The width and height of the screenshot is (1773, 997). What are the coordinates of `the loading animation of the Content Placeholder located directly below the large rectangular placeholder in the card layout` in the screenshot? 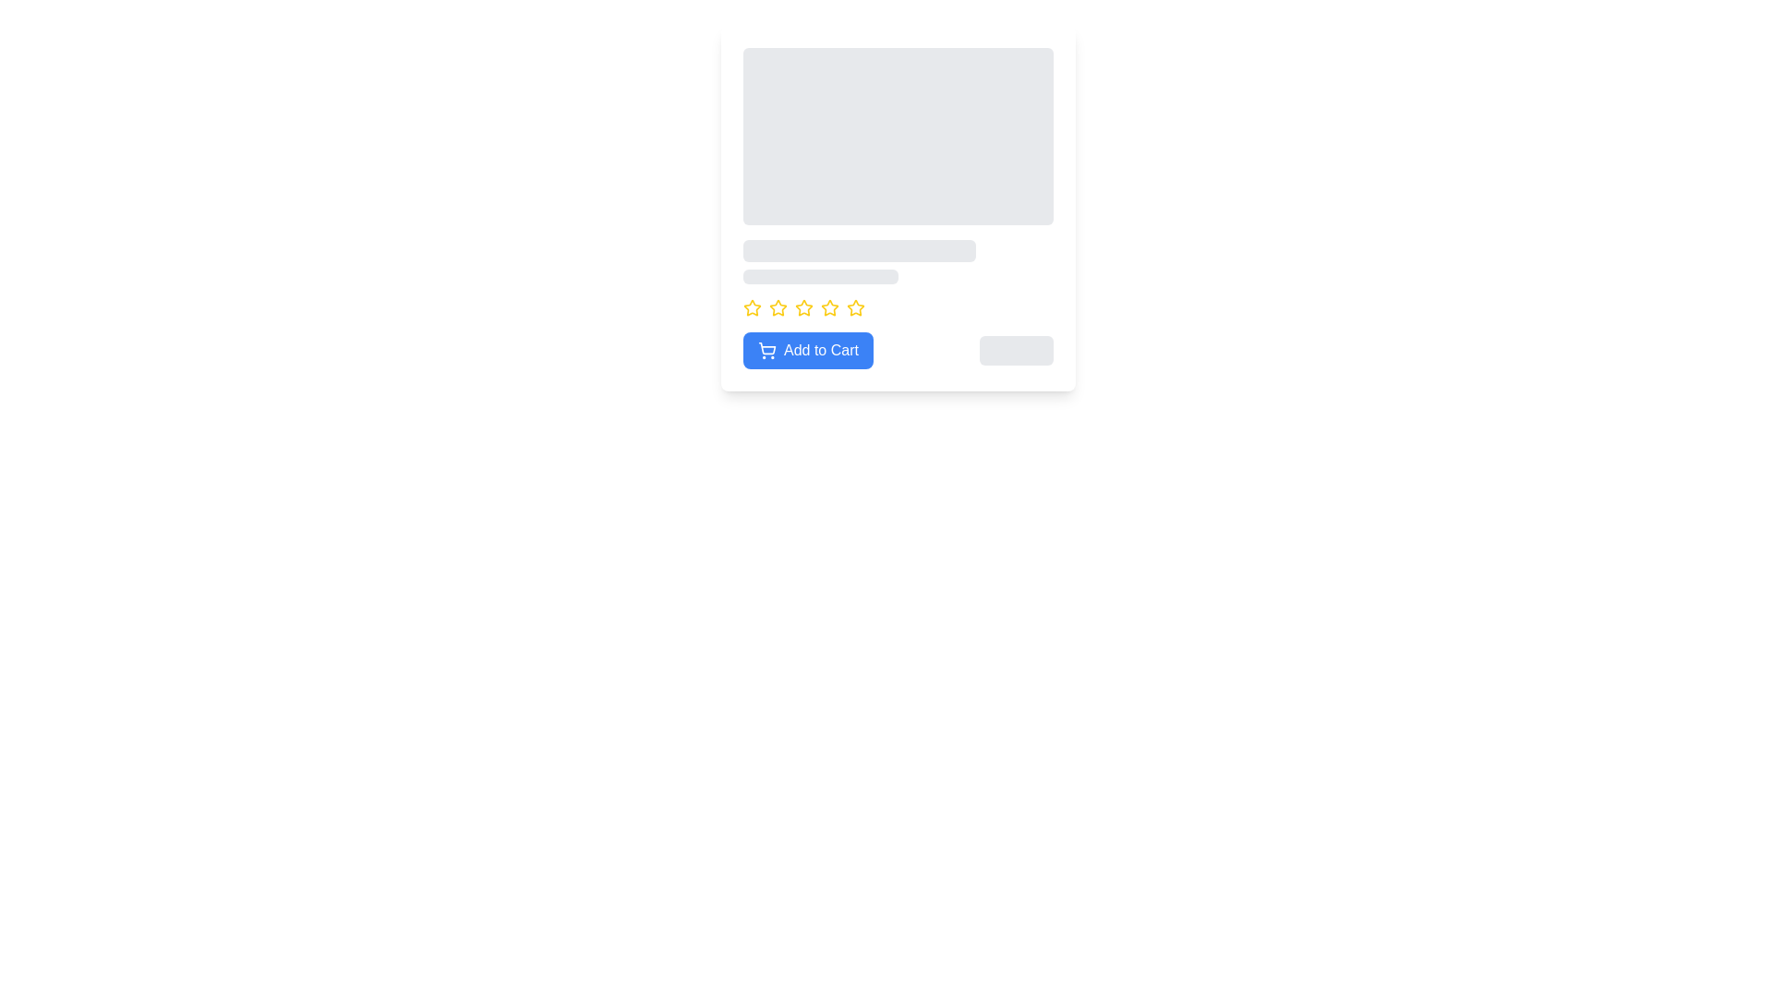 It's located at (899, 262).